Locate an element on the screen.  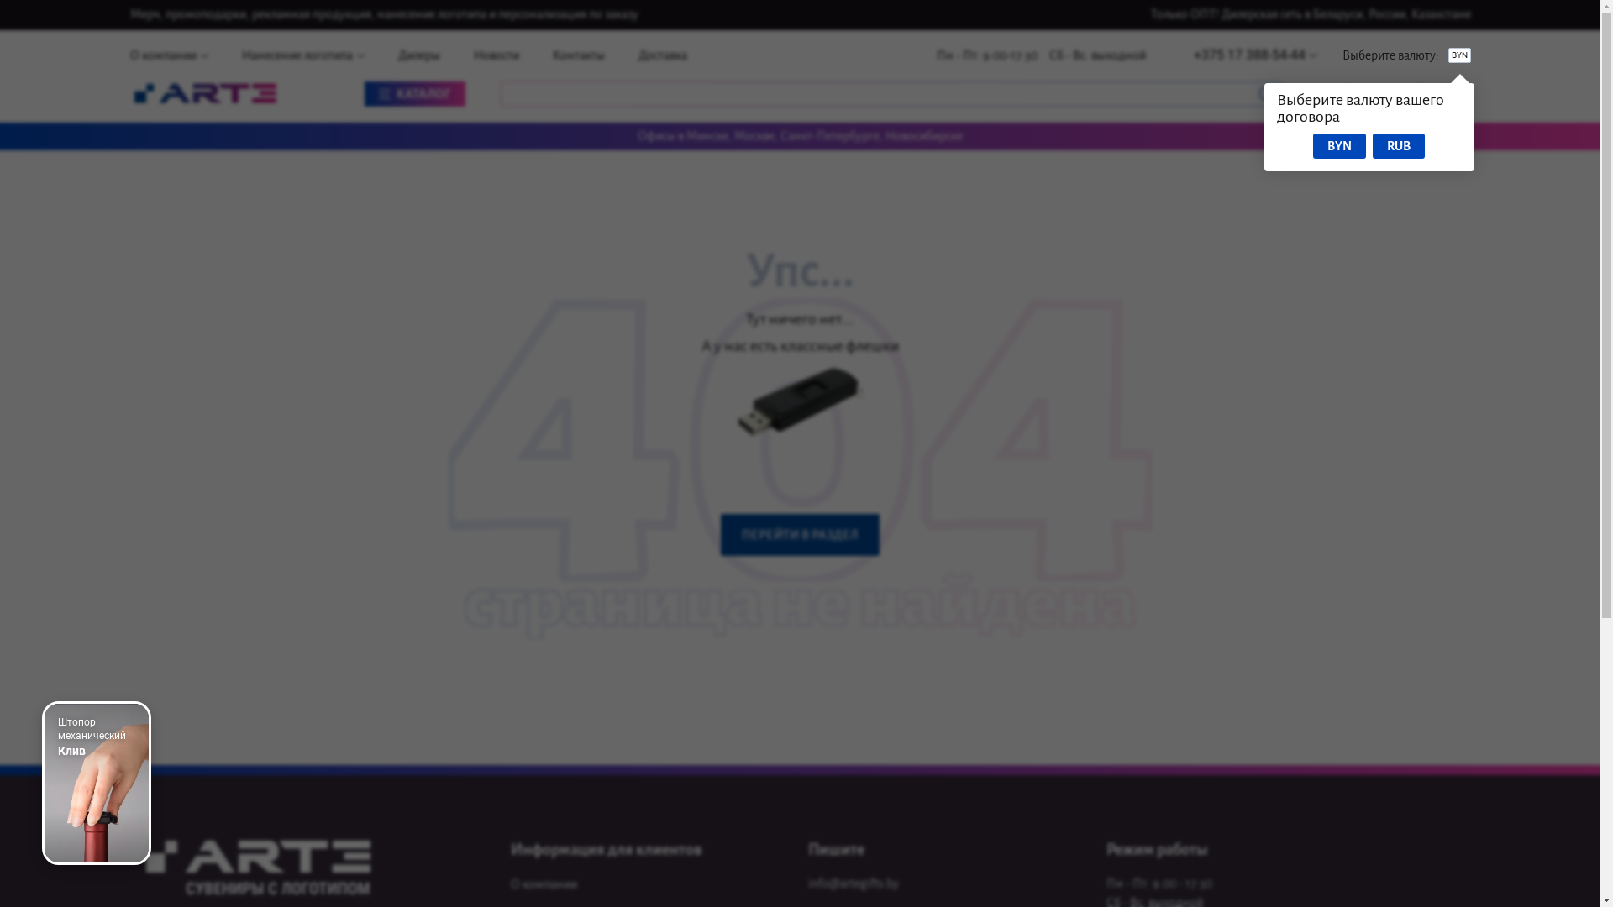
'RUB' is located at coordinates (1399, 144).